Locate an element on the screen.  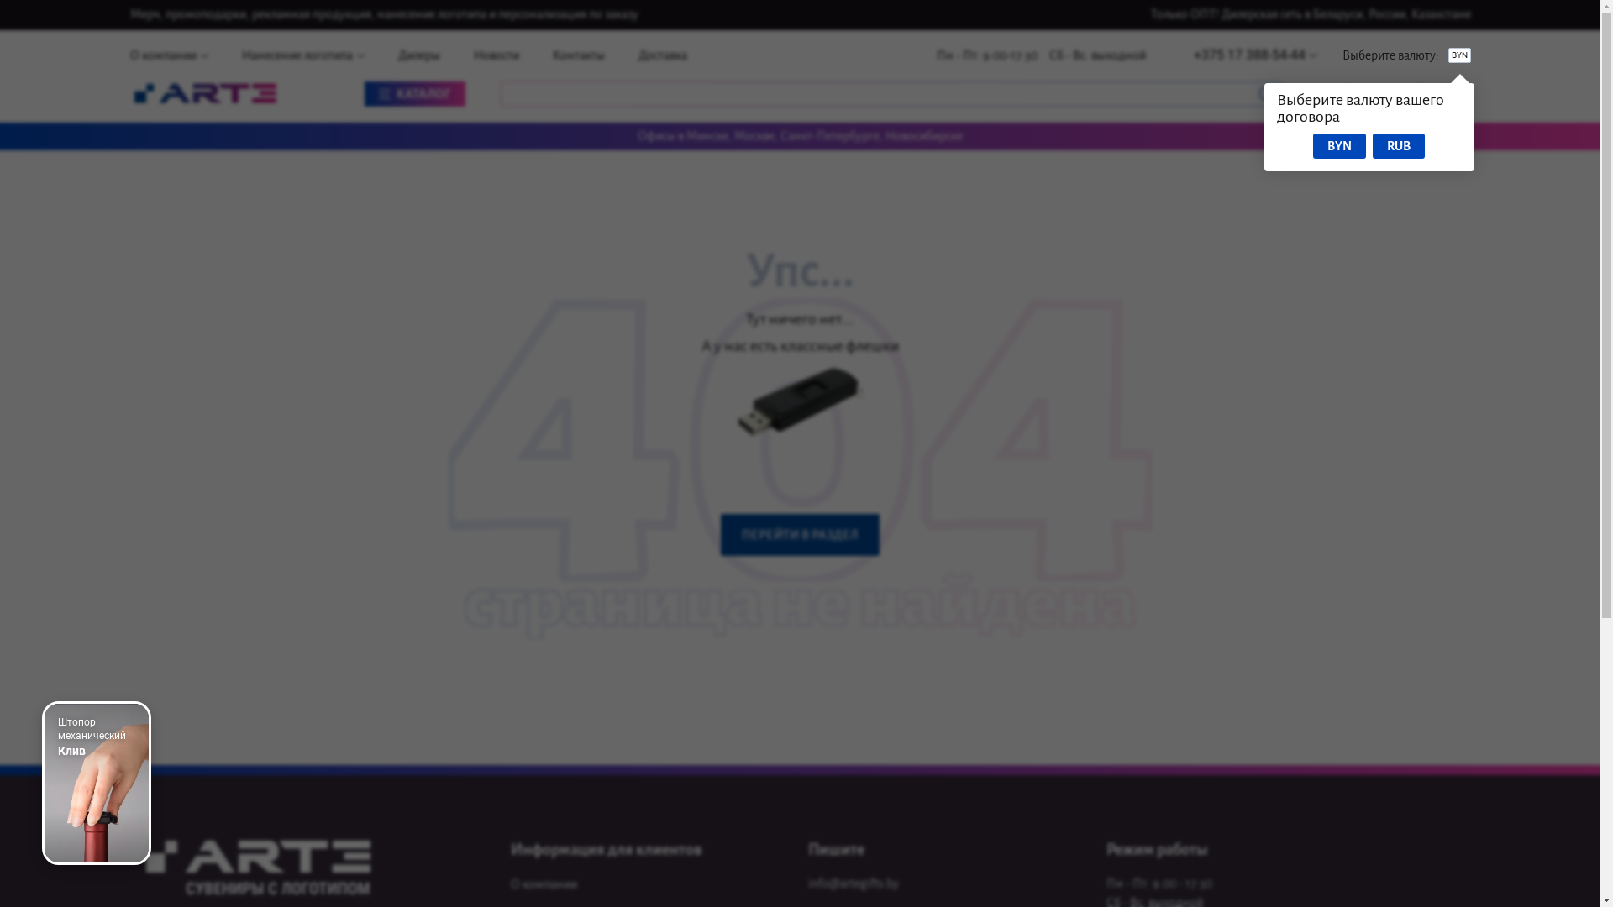
'RUB' is located at coordinates (1399, 144).